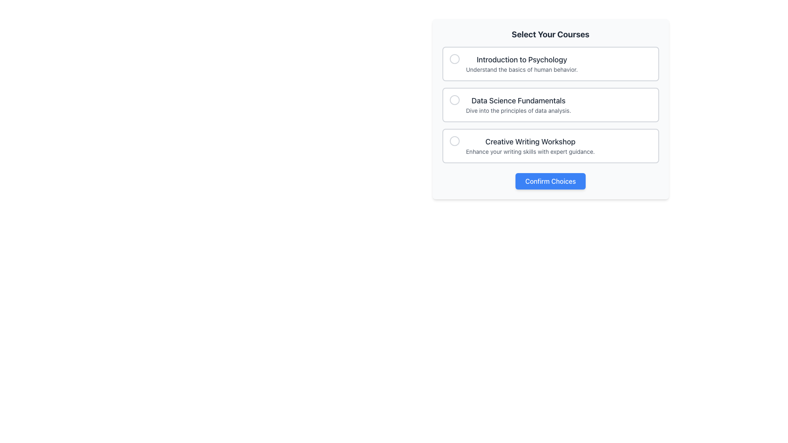 The height and width of the screenshot is (443, 788). Describe the element at coordinates (521, 59) in the screenshot. I see `the text label reading 'Introduction to Psychology', which is presented in bold and dark gray font, located in the central column of the layout under 'Select Your Courses'` at that location.